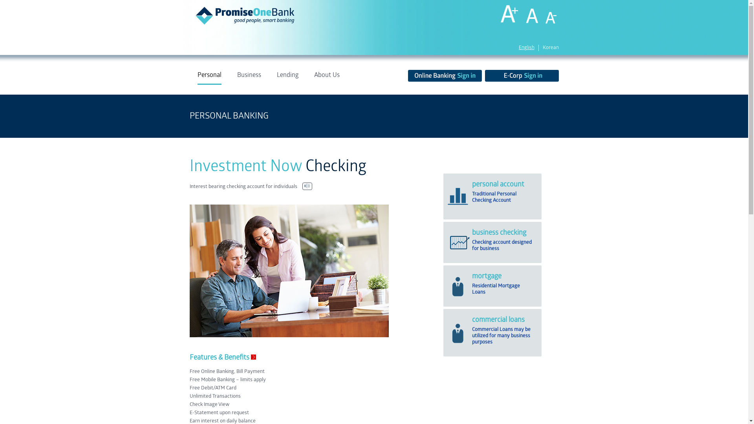 The height and width of the screenshot is (424, 754). Describe the element at coordinates (518, 48) in the screenshot. I see `'English'` at that location.